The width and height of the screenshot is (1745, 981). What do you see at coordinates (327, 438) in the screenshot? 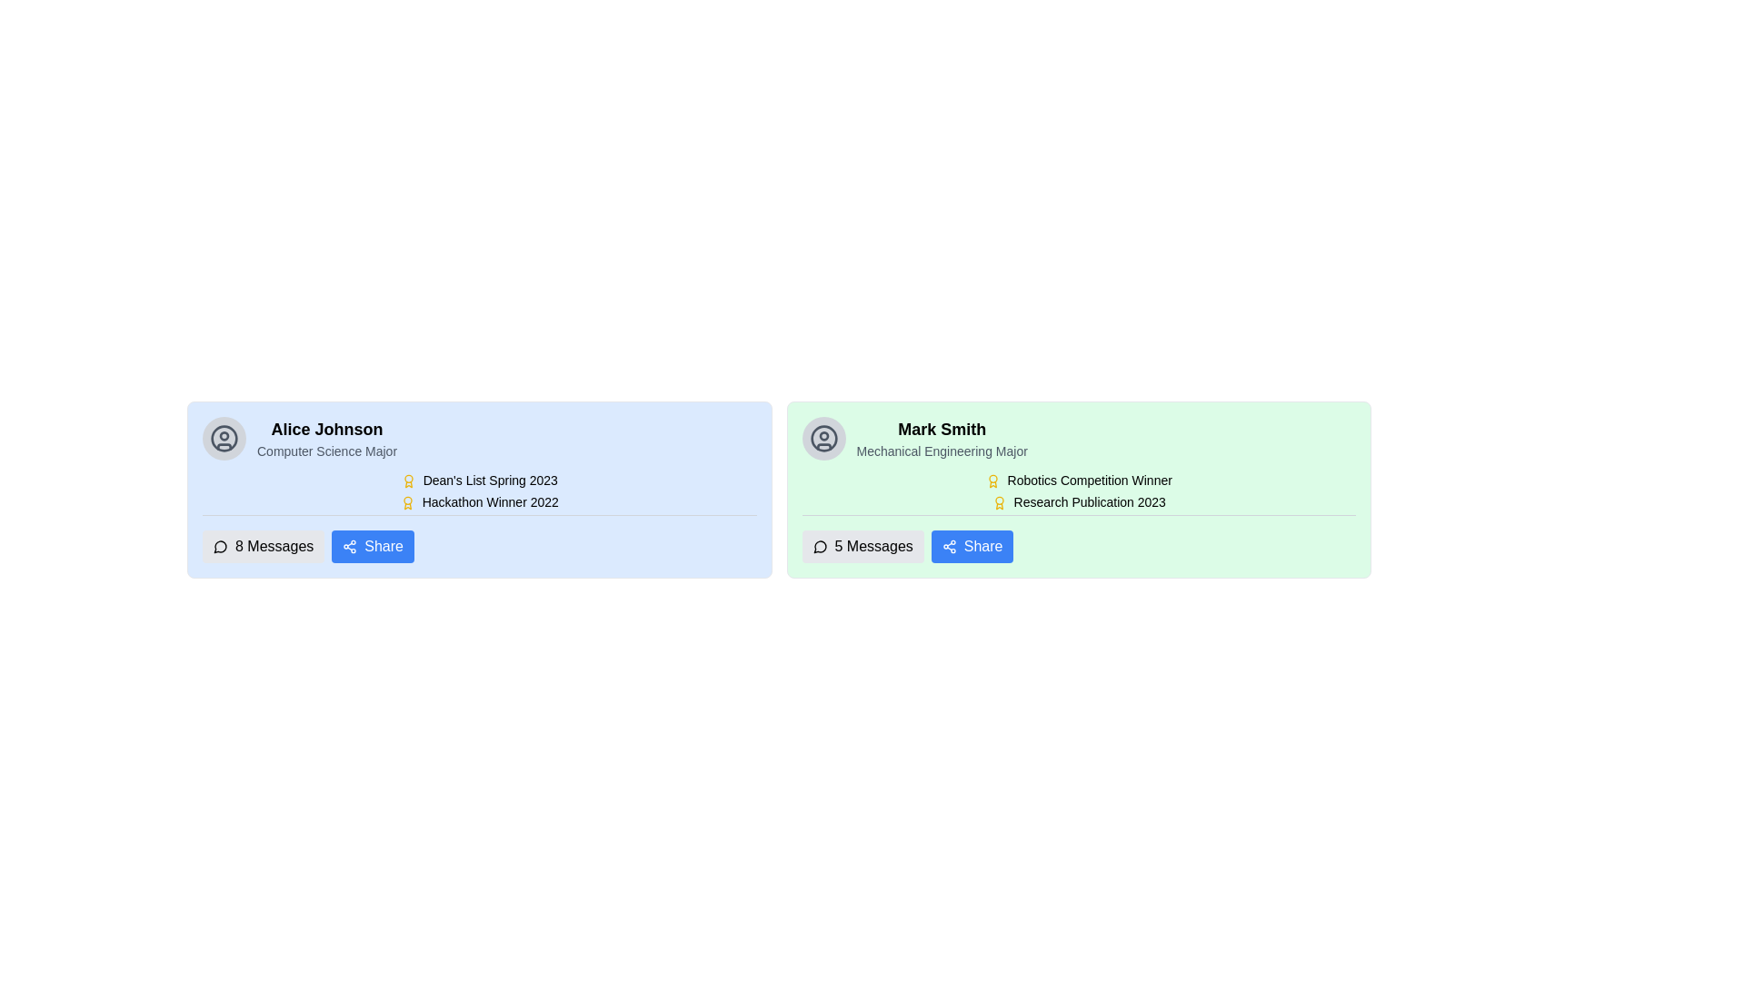
I see `the Text Display featuring 'Alice Johnson' in bold black font and 'Computer Science Major' in lighter gray font, located on a light blue background` at bounding box center [327, 438].